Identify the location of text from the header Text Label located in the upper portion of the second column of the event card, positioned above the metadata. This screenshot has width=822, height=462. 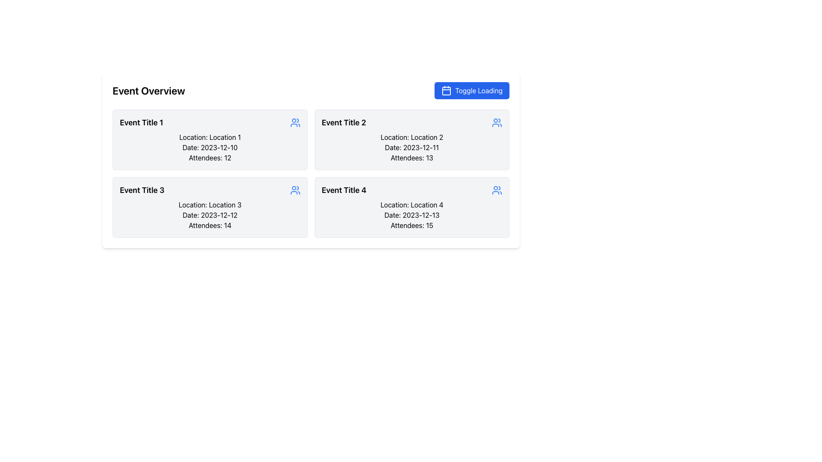
(344, 122).